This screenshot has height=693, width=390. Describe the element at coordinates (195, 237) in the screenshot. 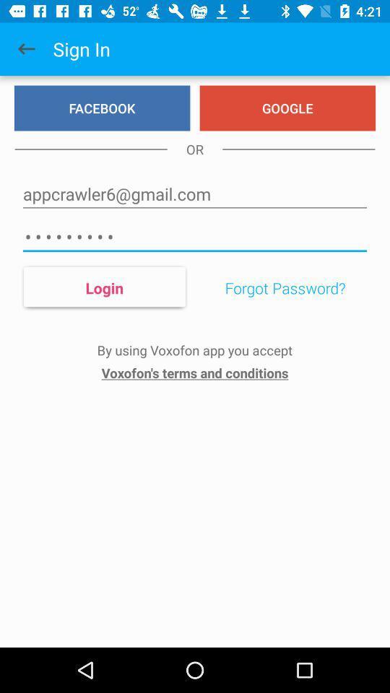

I see `icon below appcrawler6@gmail.com item` at that location.